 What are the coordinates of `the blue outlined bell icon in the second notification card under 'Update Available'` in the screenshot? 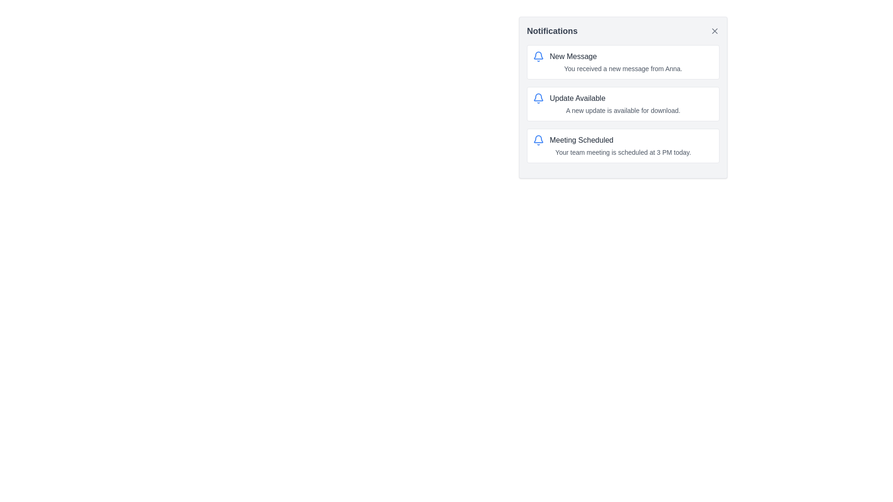 It's located at (538, 97).